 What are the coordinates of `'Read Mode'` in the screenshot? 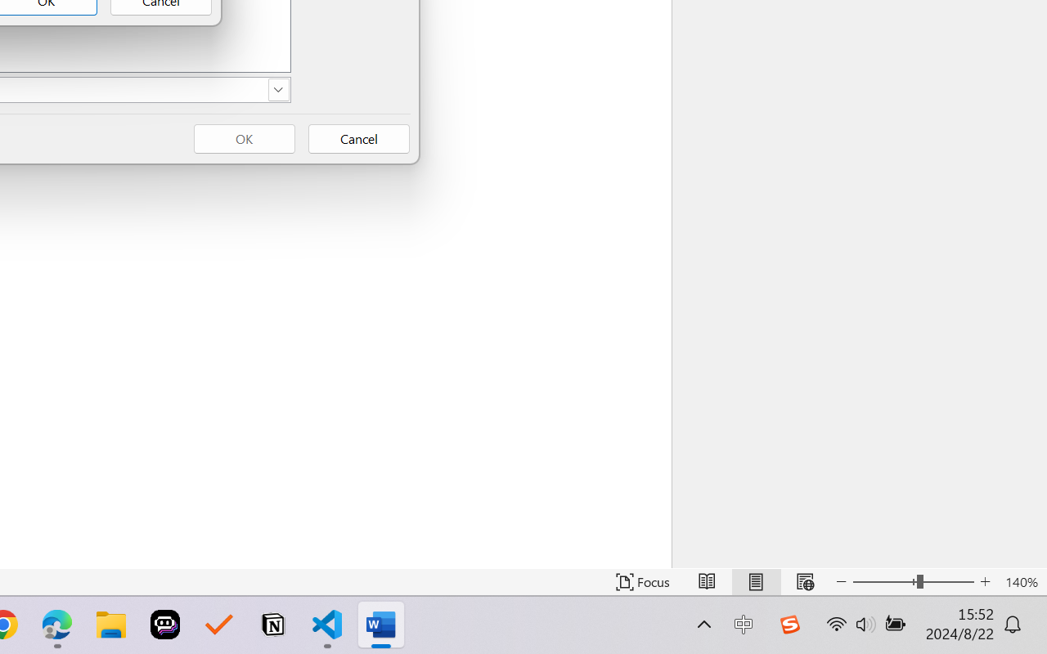 It's located at (707, 581).